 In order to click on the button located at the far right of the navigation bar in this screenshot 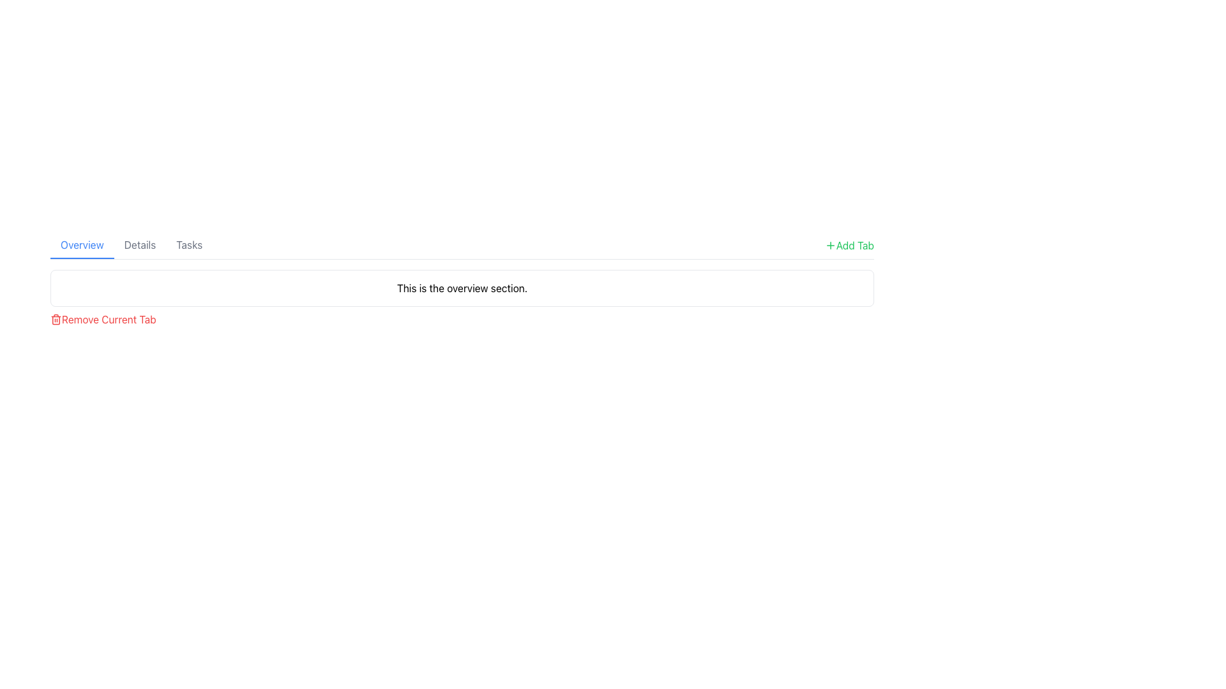, I will do `click(849, 246)`.